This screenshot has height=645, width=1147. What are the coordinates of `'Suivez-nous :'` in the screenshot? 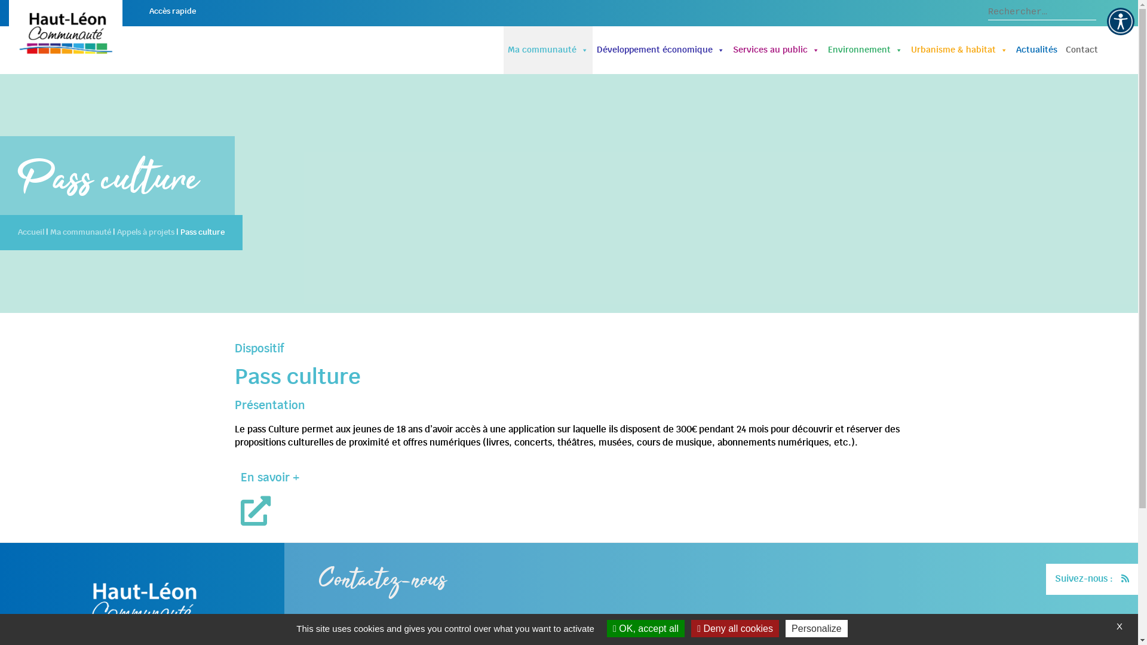 It's located at (1055, 578).